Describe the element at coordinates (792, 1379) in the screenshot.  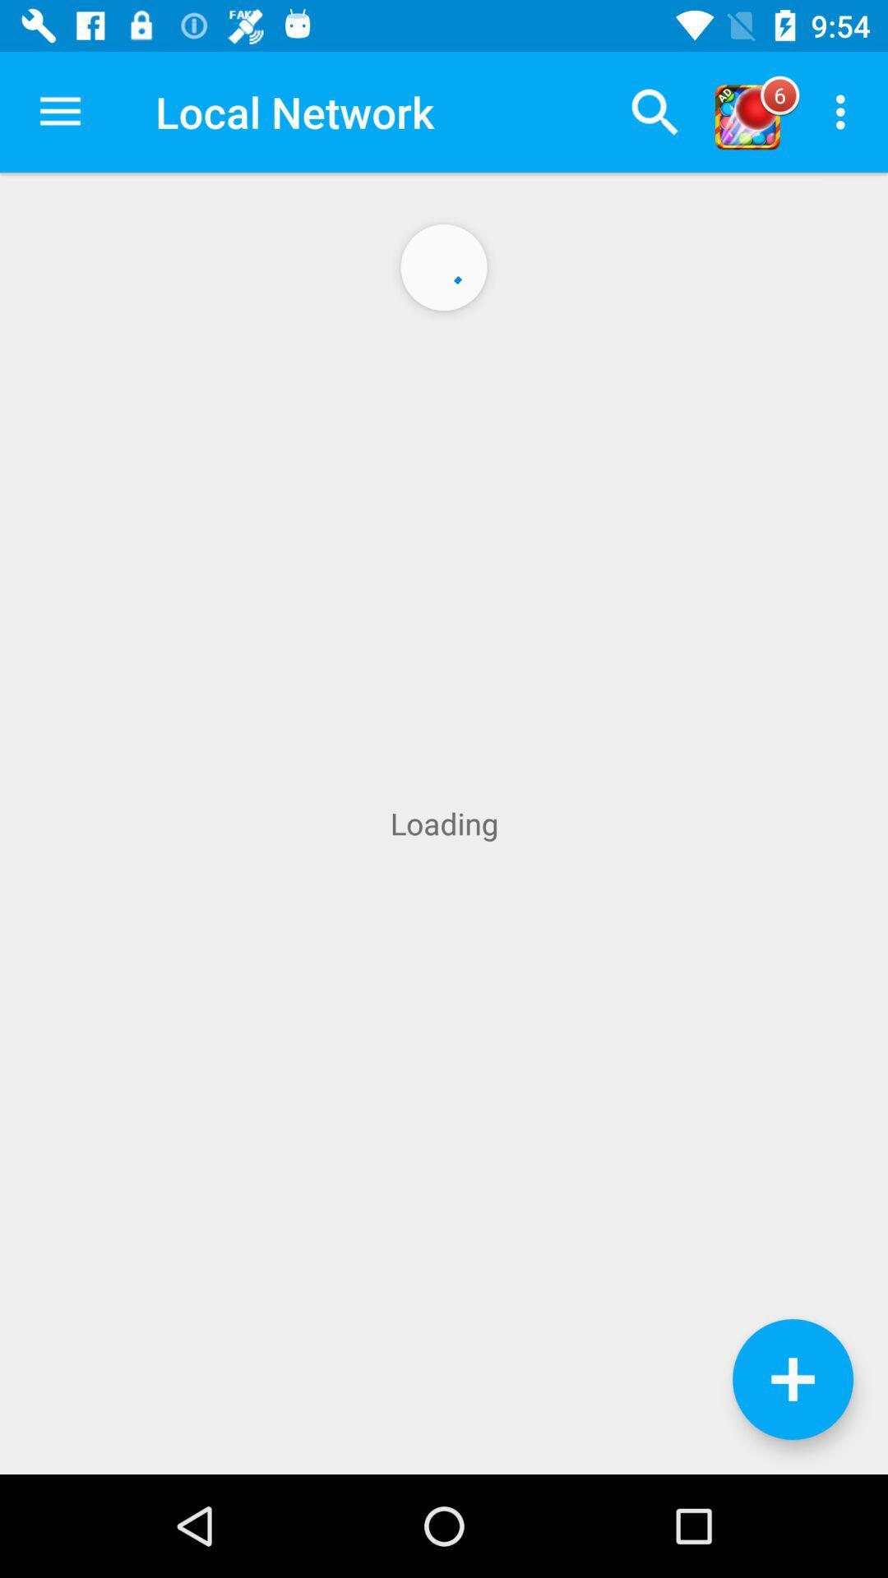
I see `information` at that location.